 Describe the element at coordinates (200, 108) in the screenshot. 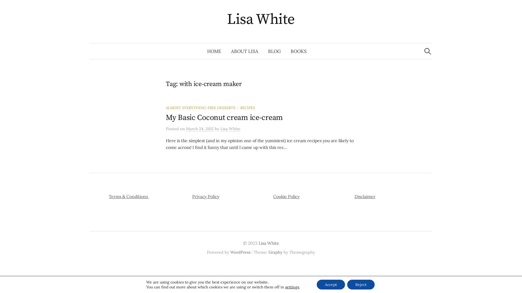

I see `'ALMOST EVERYTHING-FREE DESSERTS'` at that location.